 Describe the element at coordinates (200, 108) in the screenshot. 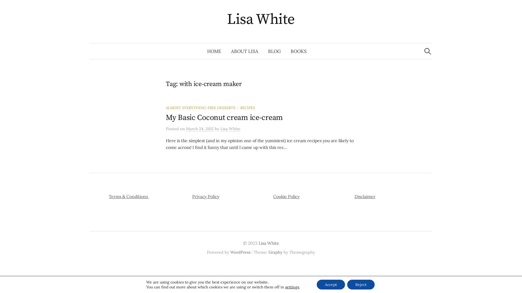

I see `'ALMOST EVERYTHING-FREE DESSERTS'` at that location.